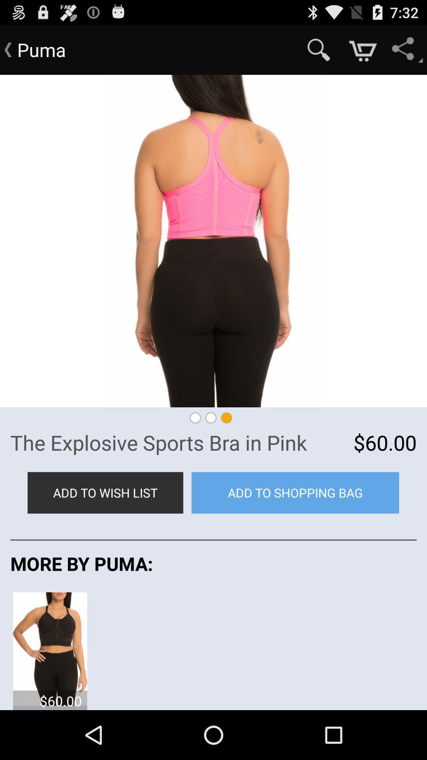 The height and width of the screenshot is (760, 427). What do you see at coordinates (318, 49) in the screenshot?
I see `item to the right of the puma app` at bounding box center [318, 49].